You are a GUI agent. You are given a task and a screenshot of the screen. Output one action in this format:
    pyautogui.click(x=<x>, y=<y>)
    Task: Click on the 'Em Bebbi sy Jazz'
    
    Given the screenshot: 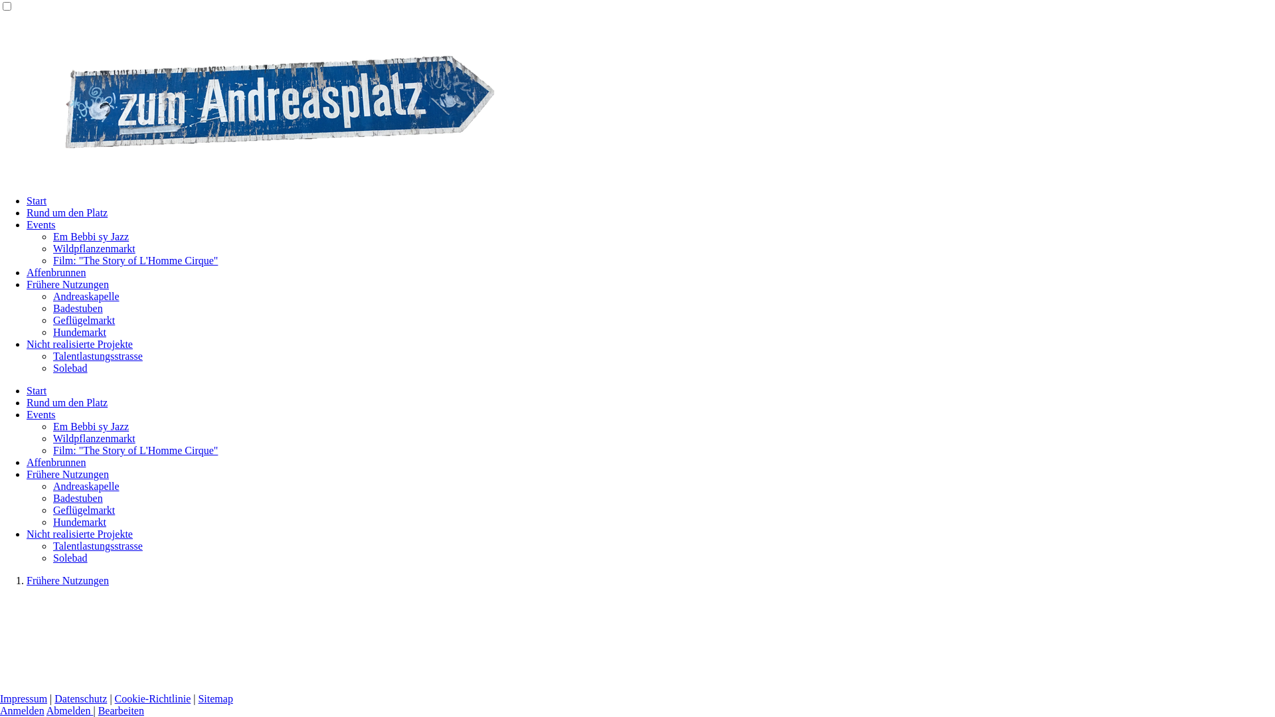 What is the action you would take?
    pyautogui.click(x=90, y=236)
    